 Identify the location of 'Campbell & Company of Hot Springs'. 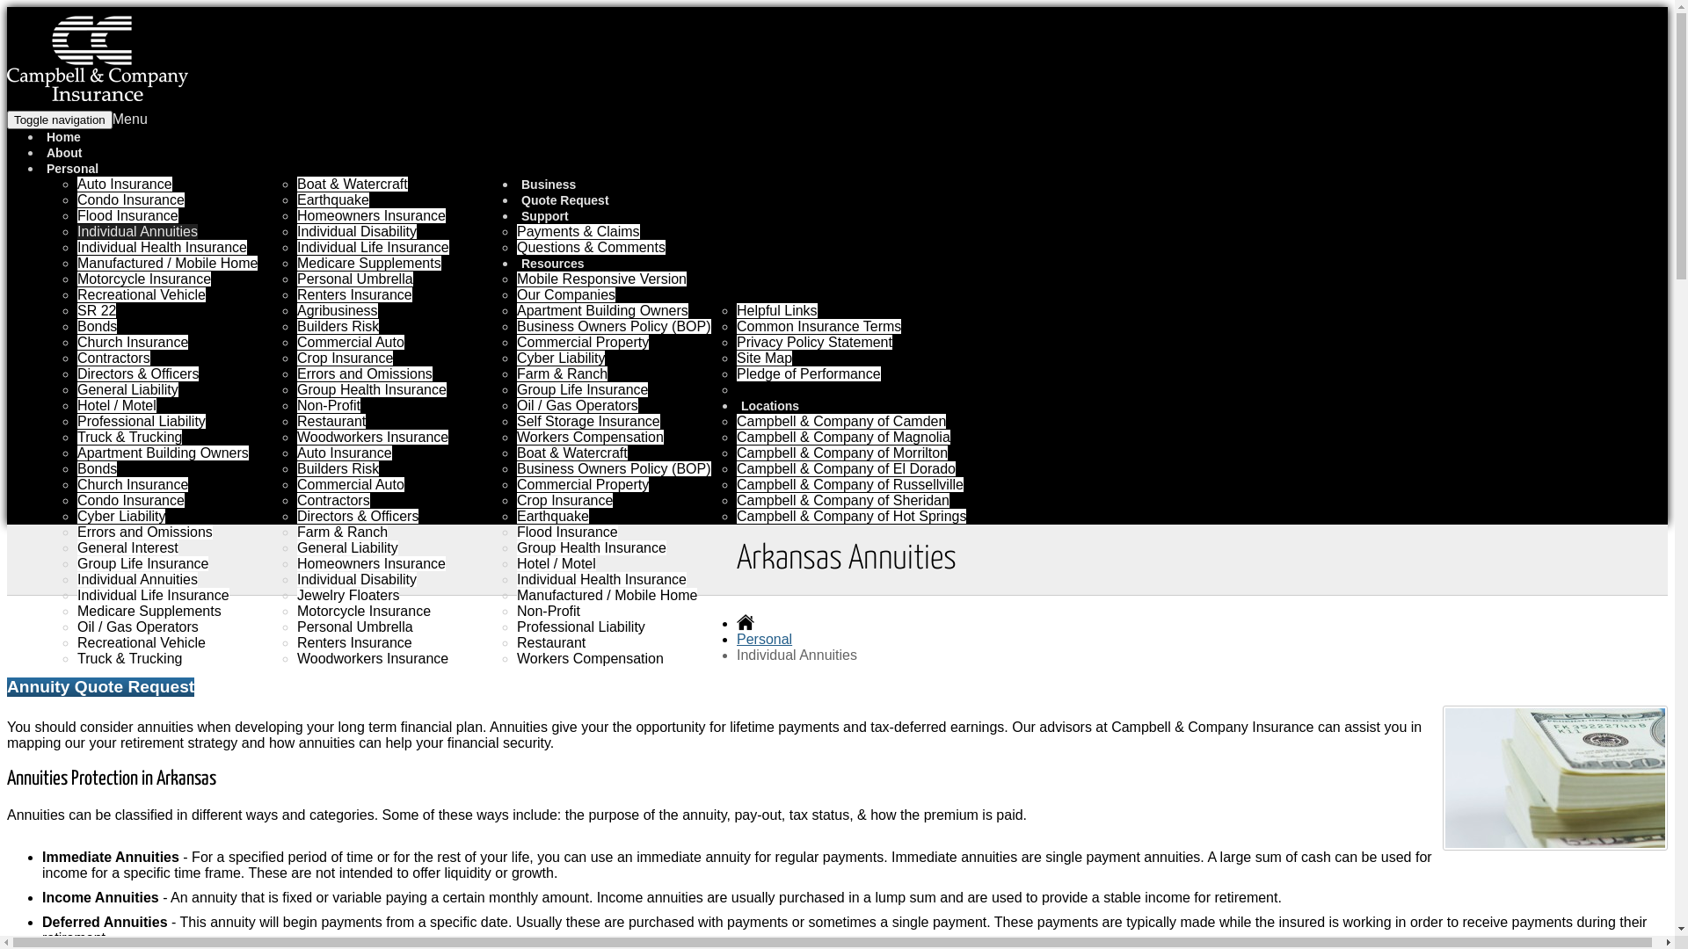
(851, 515).